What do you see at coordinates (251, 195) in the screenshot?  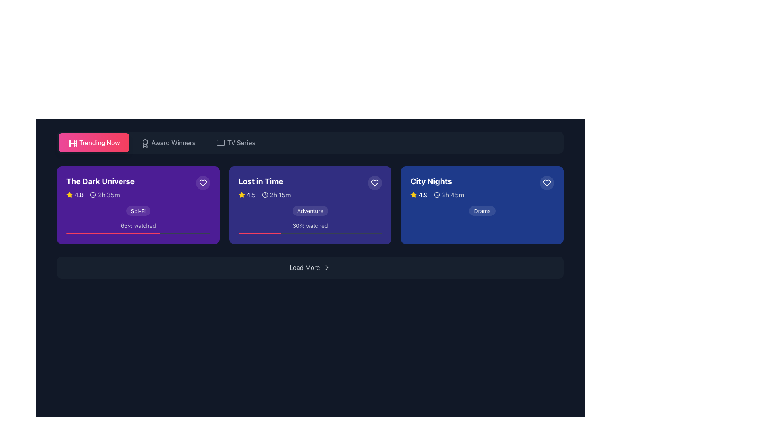 I see `the numerical value '4.5' displayed in white color on a purple background, located within the 'Lost in Time' card to the right of a yellow star icon` at bounding box center [251, 195].